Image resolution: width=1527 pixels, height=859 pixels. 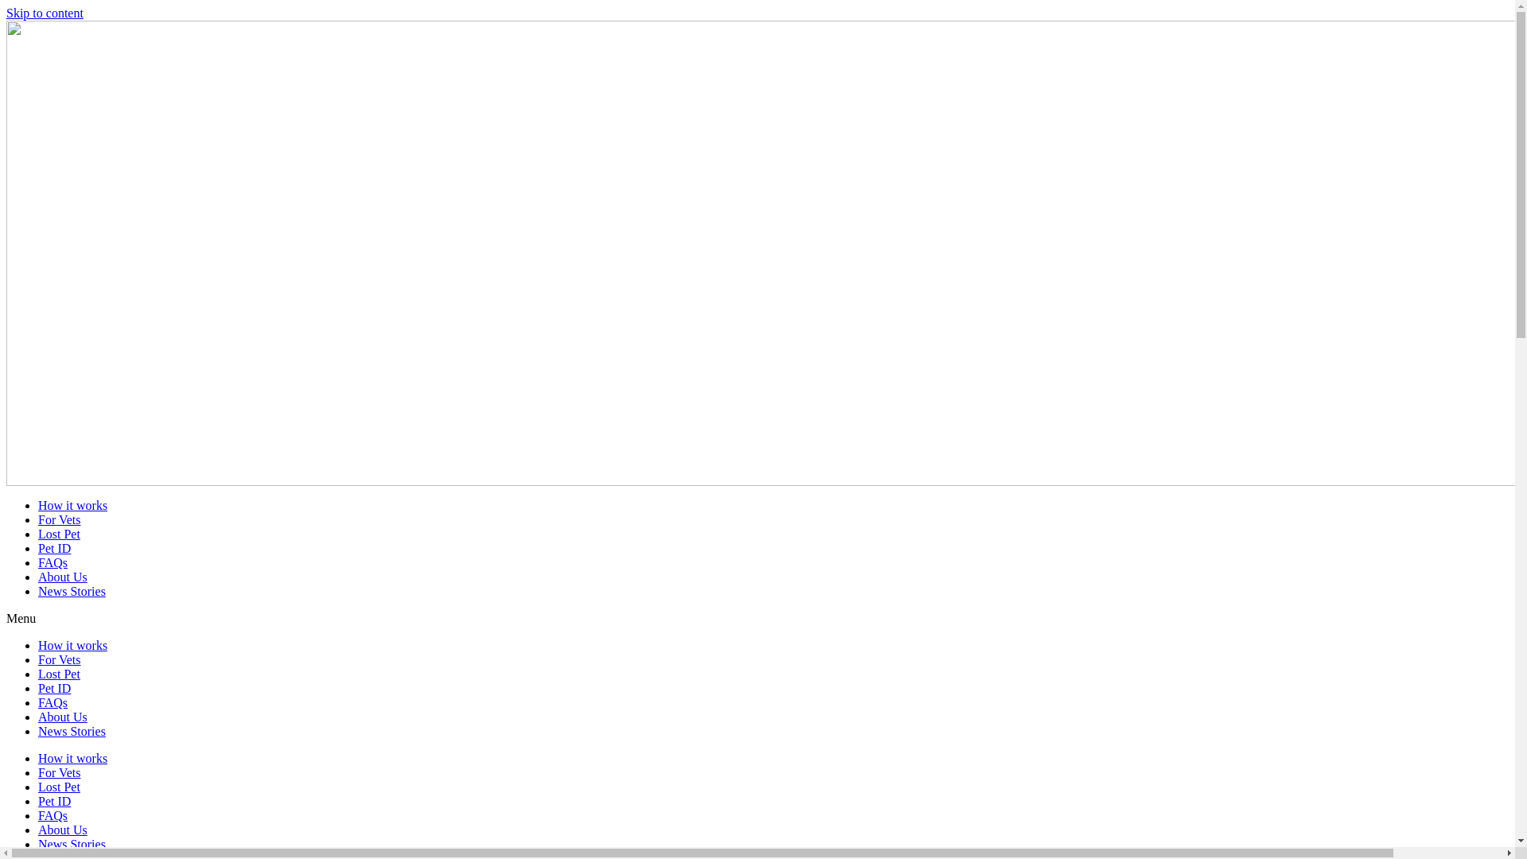 I want to click on 'About Us', so click(x=62, y=577).